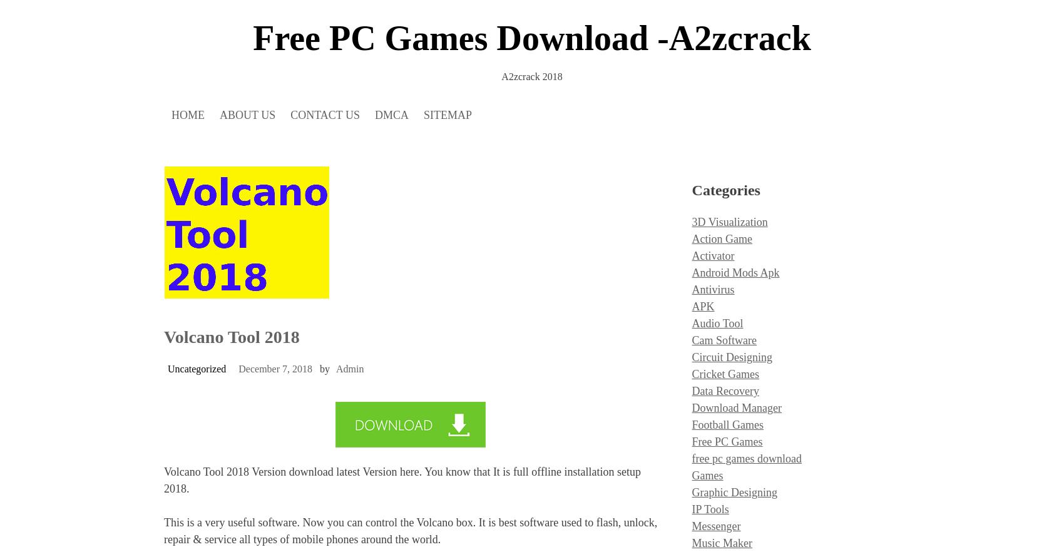 The width and height of the screenshot is (1064, 552). What do you see at coordinates (284, 155) in the screenshot?
I see `'Used for flashing firmware'` at bounding box center [284, 155].